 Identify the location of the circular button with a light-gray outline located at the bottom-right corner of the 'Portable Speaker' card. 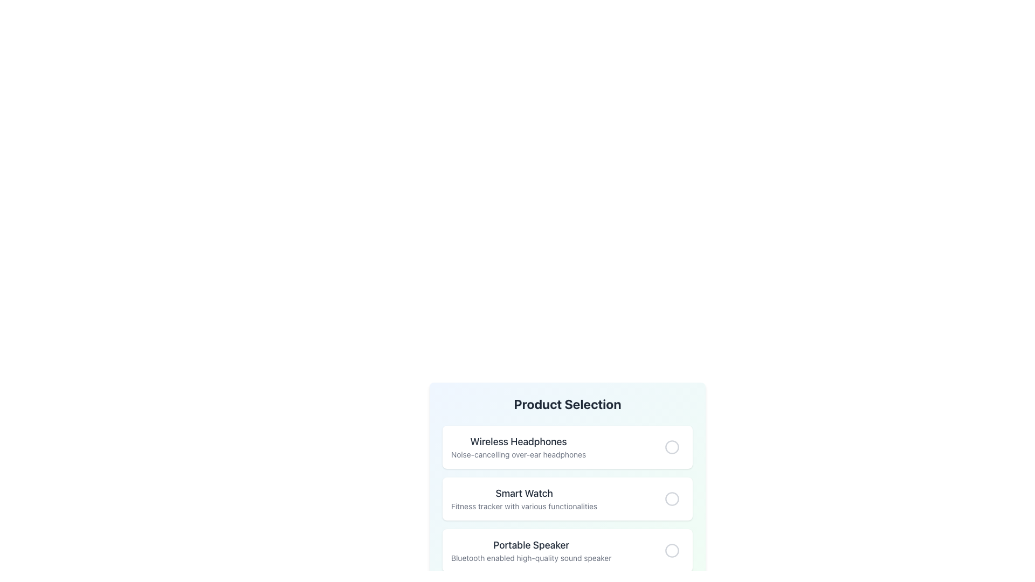
(672, 551).